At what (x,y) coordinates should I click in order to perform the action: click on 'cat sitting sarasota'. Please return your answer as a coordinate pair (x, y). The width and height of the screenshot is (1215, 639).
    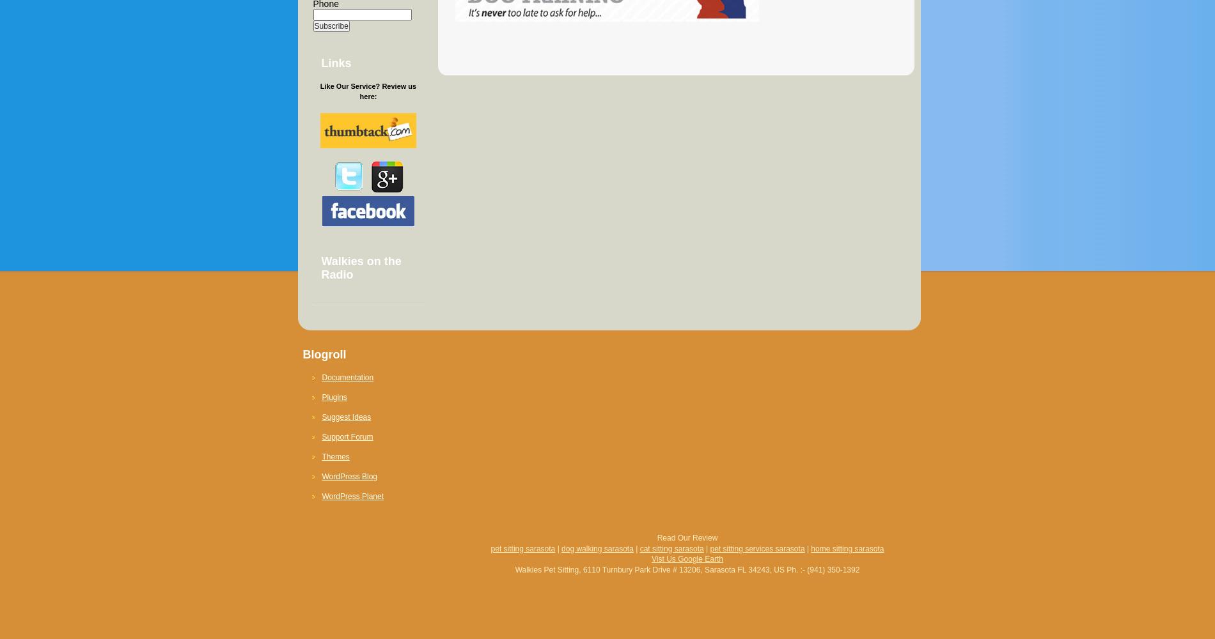
    Looking at the image, I should click on (671, 548).